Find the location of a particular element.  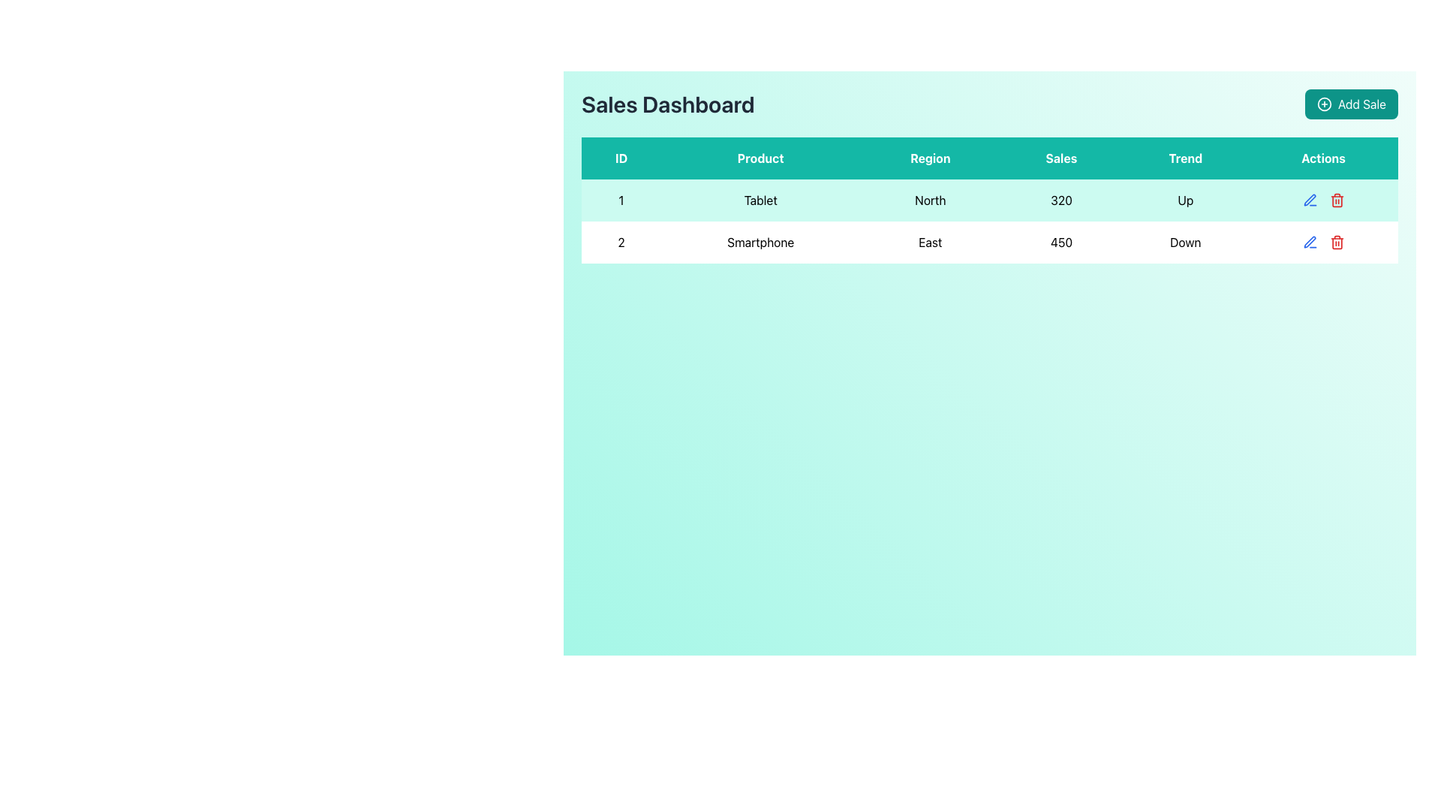

the third column header in the table, which labels the regional data and is positioned between 'Product' and 'Sales' is located at coordinates (929, 158).